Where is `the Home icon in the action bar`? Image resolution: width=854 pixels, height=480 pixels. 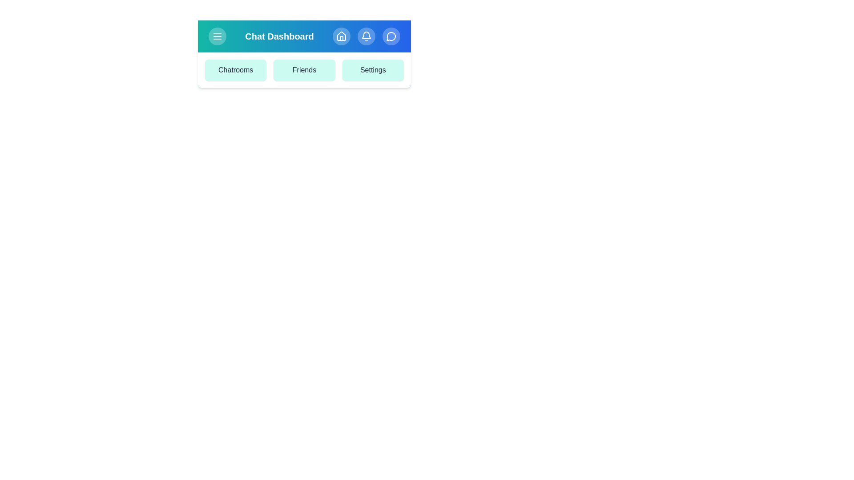 the Home icon in the action bar is located at coordinates (341, 36).